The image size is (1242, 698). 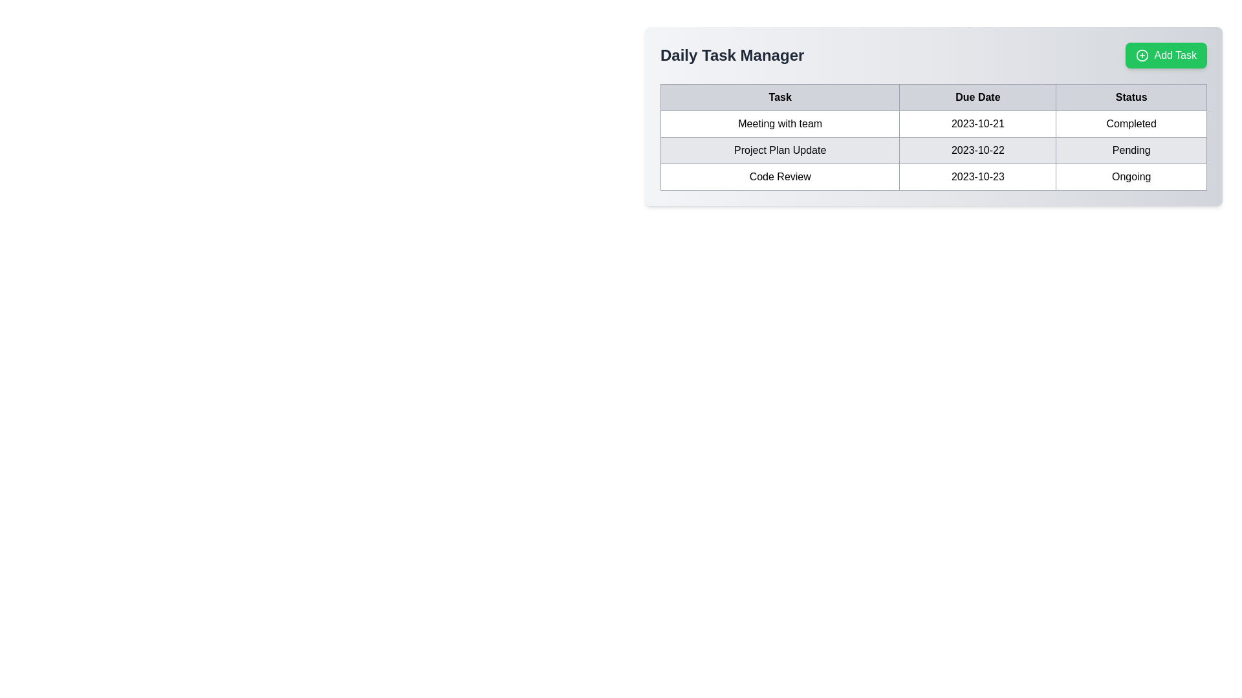 What do you see at coordinates (1142, 54) in the screenshot?
I see `the outer circular border of the 'plus inside a circle' icon located on the top-right green button labeled 'Add Task'` at bounding box center [1142, 54].